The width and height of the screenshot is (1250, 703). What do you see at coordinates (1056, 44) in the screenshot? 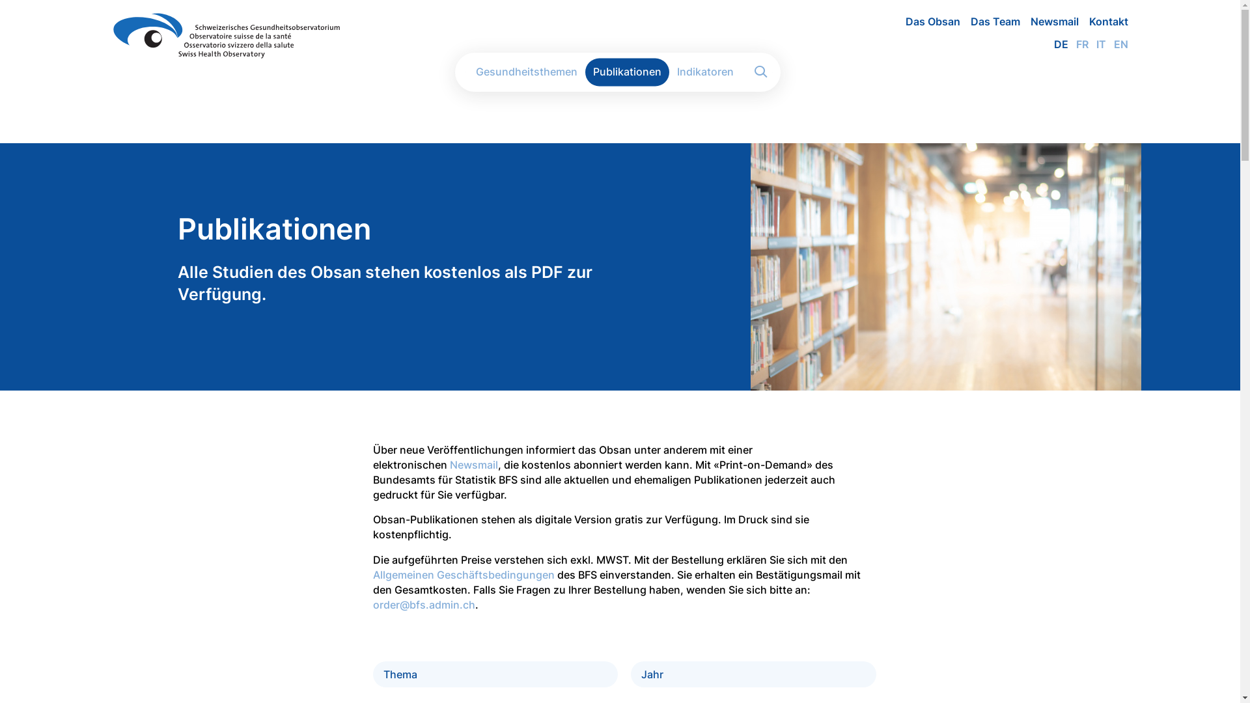
I see `'DE'` at bounding box center [1056, 44].